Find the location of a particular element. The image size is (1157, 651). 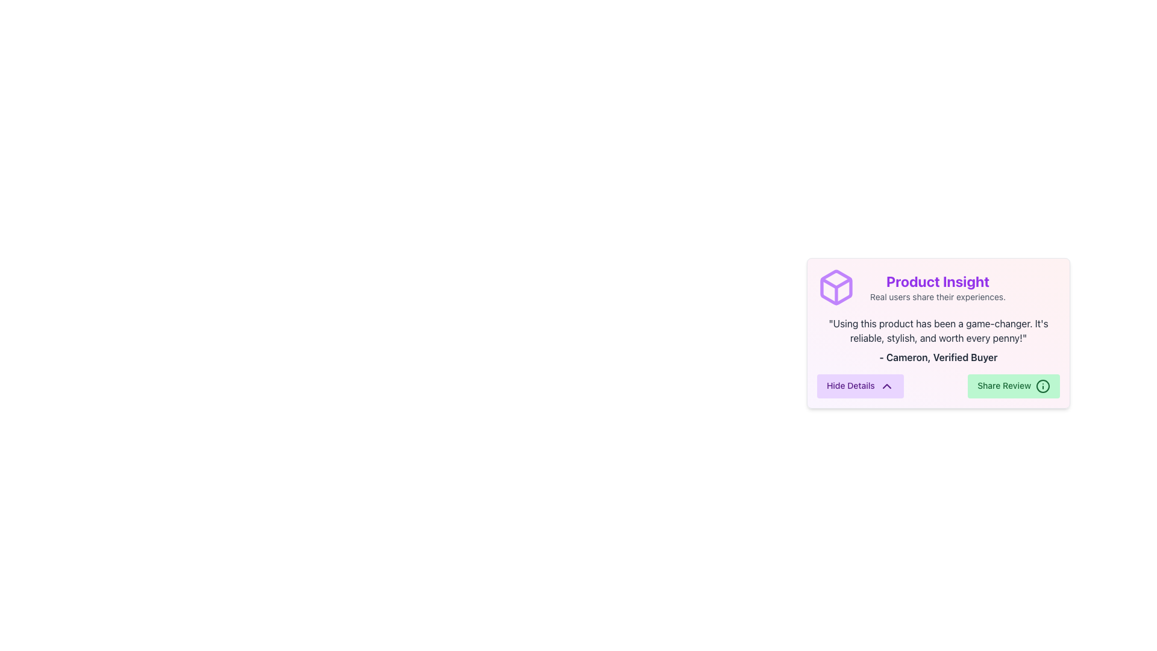

the chevron-like shape of the box icon located in the top left corner of the card is located at coordinates (835, 283).